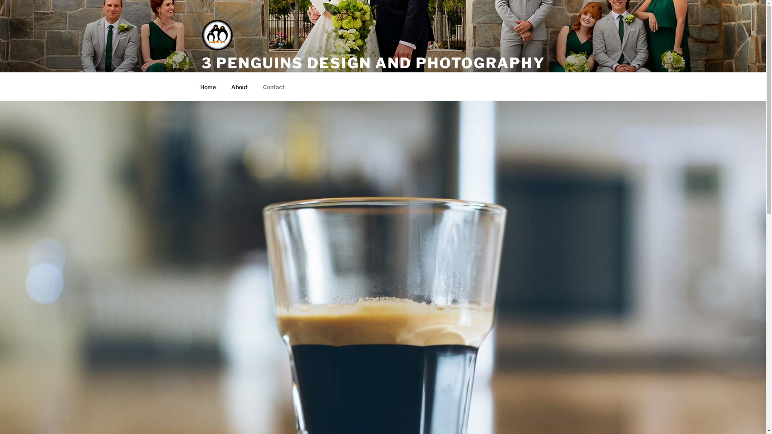  What do you see at coordinates (208, 87) in the screenshot?
I see `'Home'` at bounding box center [208, 87].